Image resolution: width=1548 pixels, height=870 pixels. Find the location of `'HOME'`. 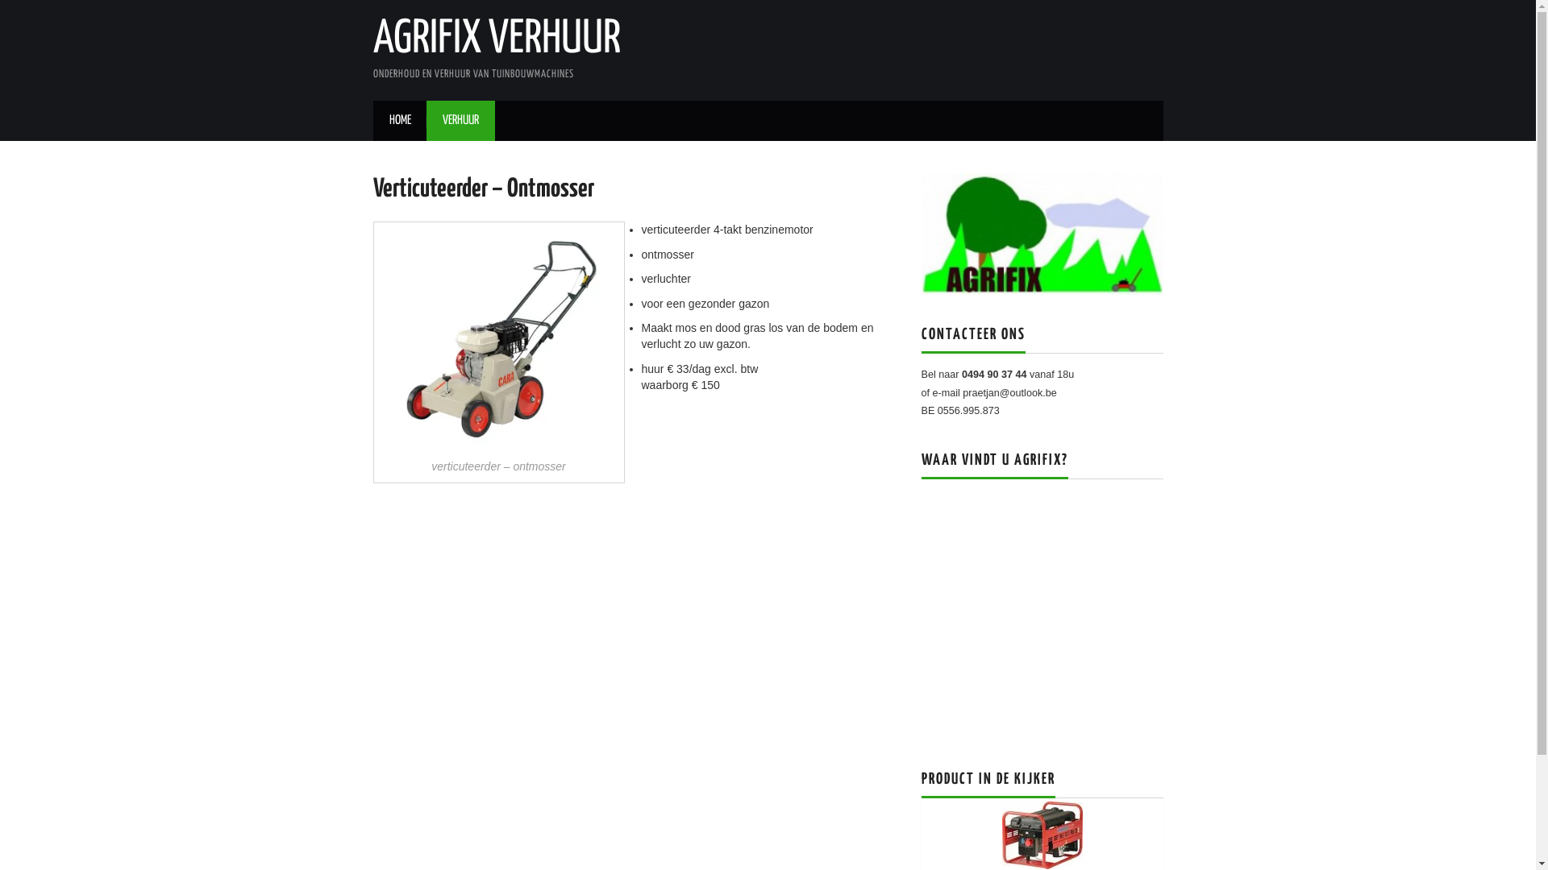

'HOME' is located at coordinates (399, 120).